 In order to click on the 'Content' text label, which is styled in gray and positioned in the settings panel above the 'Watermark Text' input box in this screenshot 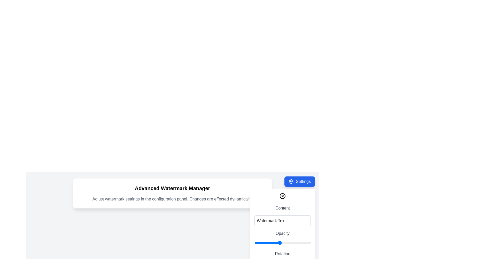, I will do `click(282, 208)`.